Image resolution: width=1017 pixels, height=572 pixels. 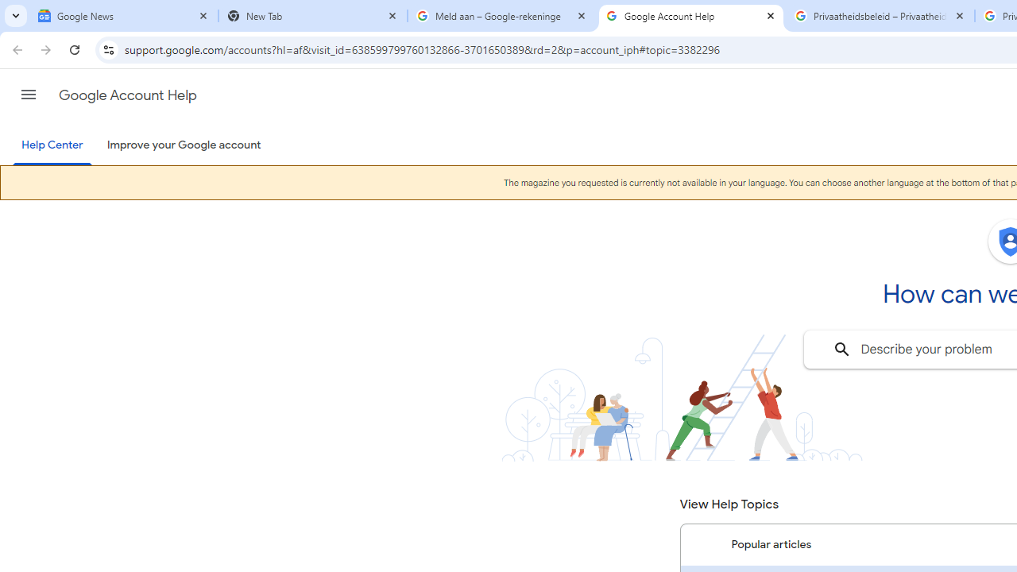 What do you see at coordinates (313, 16) in the screenshot?
I see `'New Tab'` at bounding box center [313, 16].